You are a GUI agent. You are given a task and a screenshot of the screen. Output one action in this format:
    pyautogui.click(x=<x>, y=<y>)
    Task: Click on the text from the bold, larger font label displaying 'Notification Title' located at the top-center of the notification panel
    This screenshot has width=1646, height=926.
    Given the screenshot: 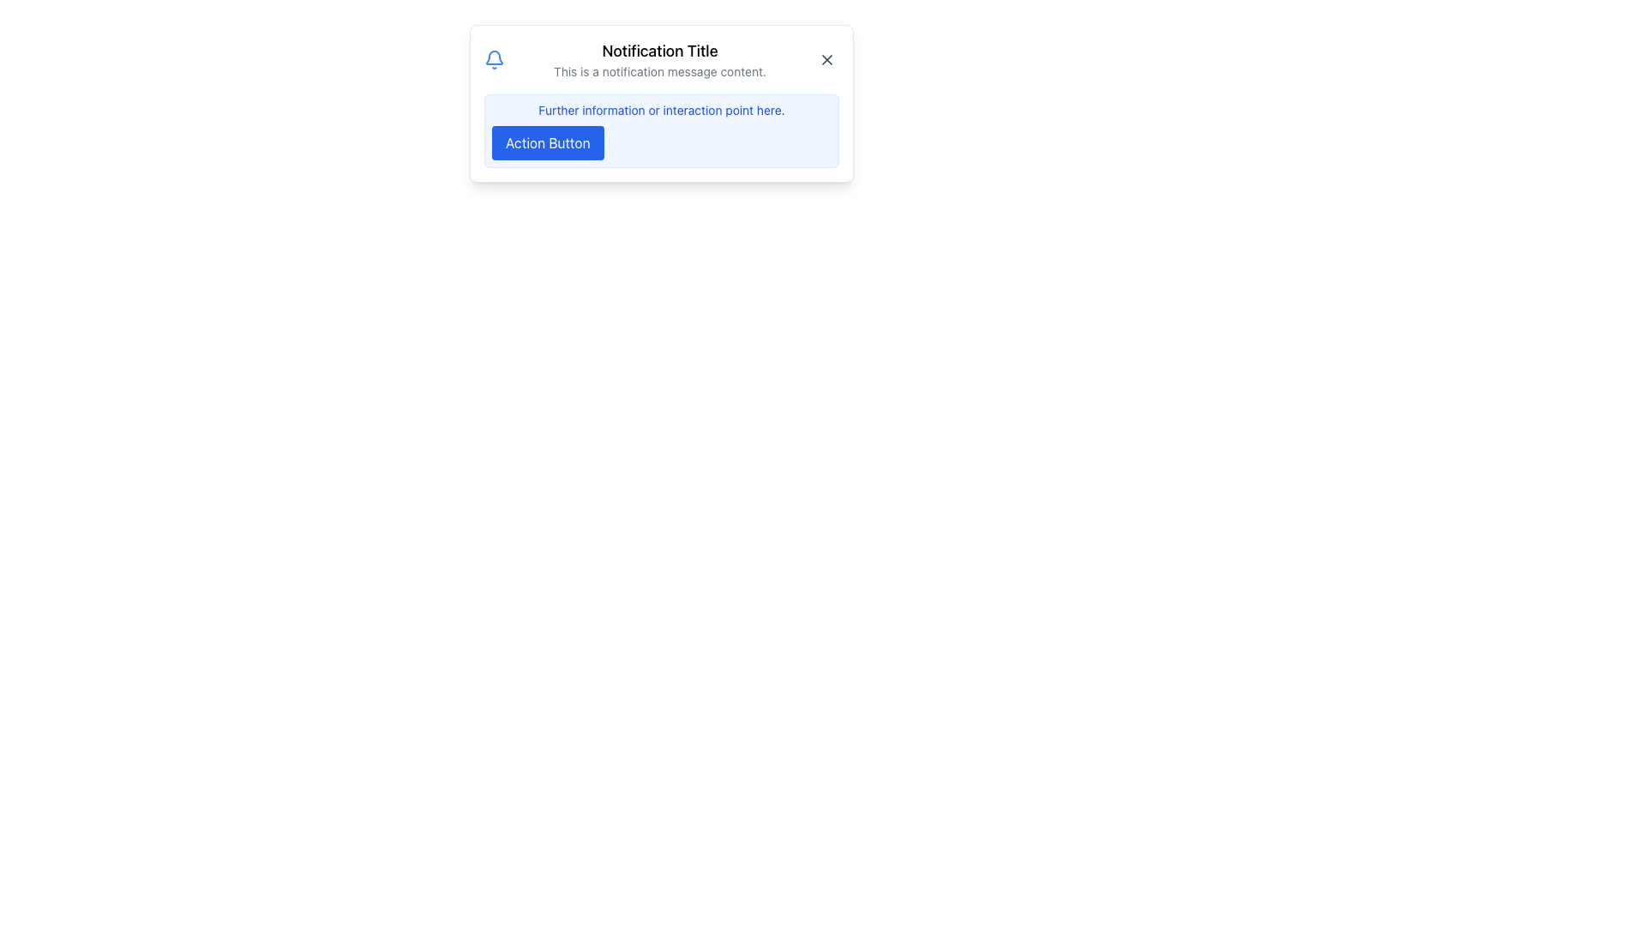 What is the action you would take?
    pyautogui.click(x=658, y=51)
    